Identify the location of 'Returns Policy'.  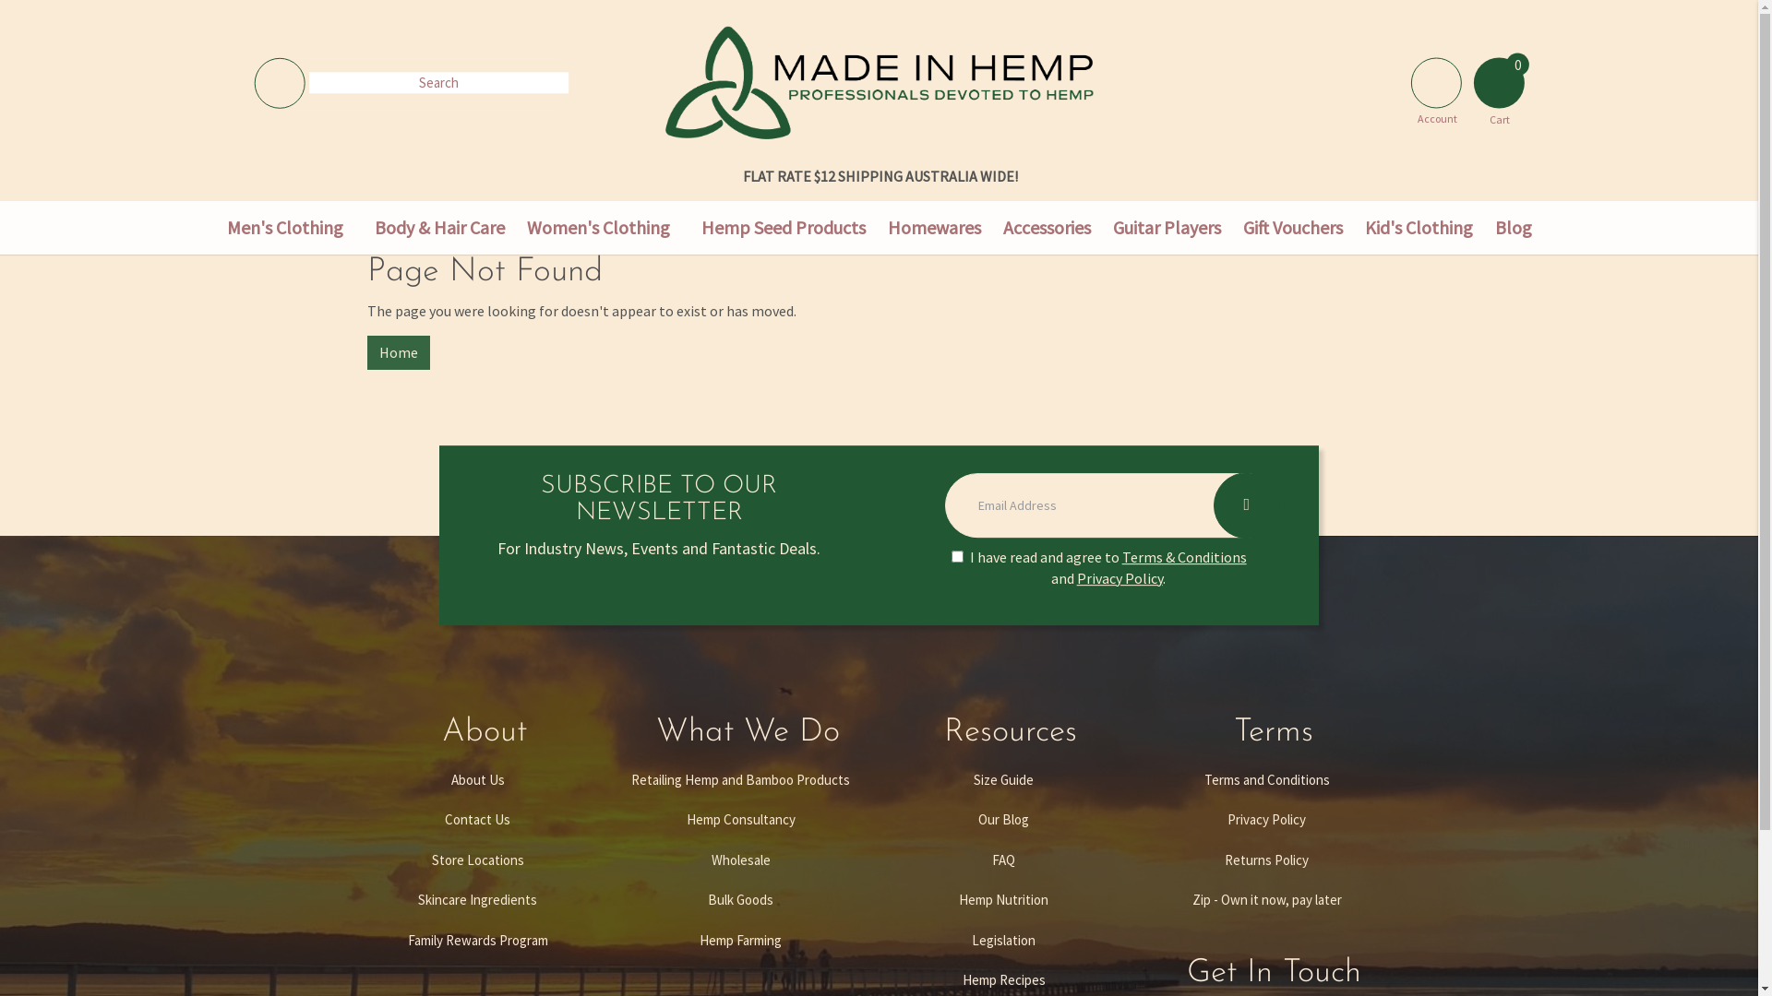
(1142, 860).